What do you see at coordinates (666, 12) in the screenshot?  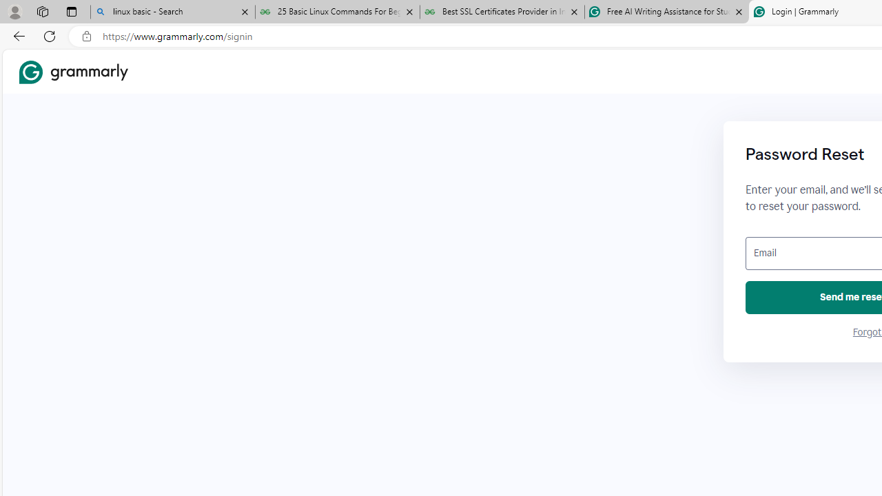 I see `'Free AI Writing Assistance for Students | Grammarly'` at bounding box center [666, 12].